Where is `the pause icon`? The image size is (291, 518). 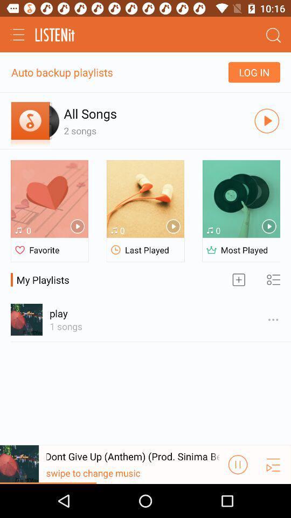 the pause icon is located at coordinates (238, 497).